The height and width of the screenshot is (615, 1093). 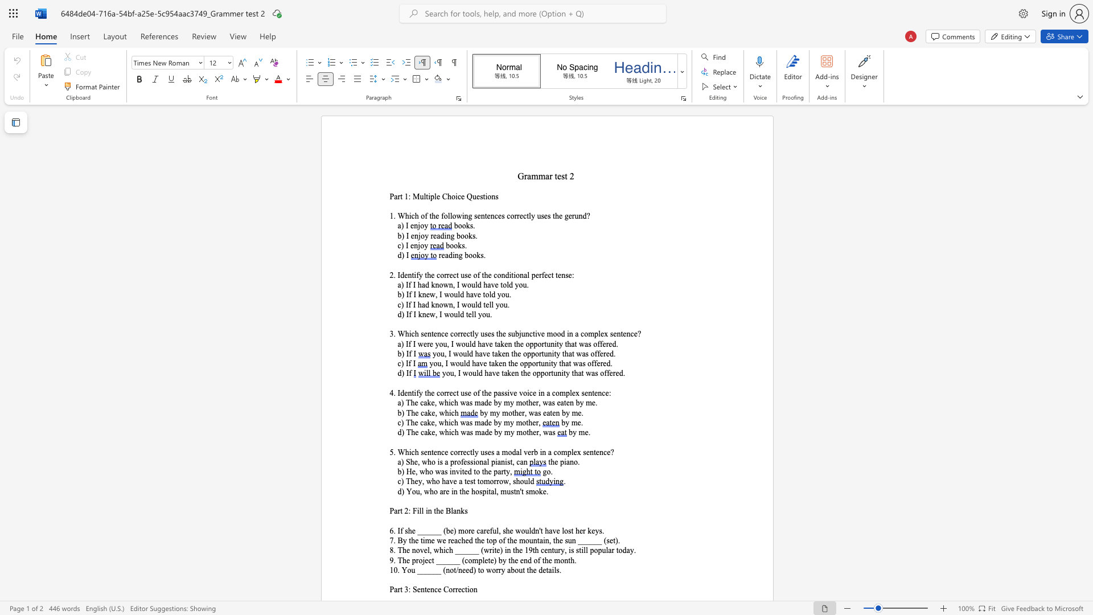 What do you see at coordinates (473, 462) in the screenshot?
I see `the subset text "ional pianist" within the text "a) She, who is a professional pianist, can"` at bounding box center [473, 462].